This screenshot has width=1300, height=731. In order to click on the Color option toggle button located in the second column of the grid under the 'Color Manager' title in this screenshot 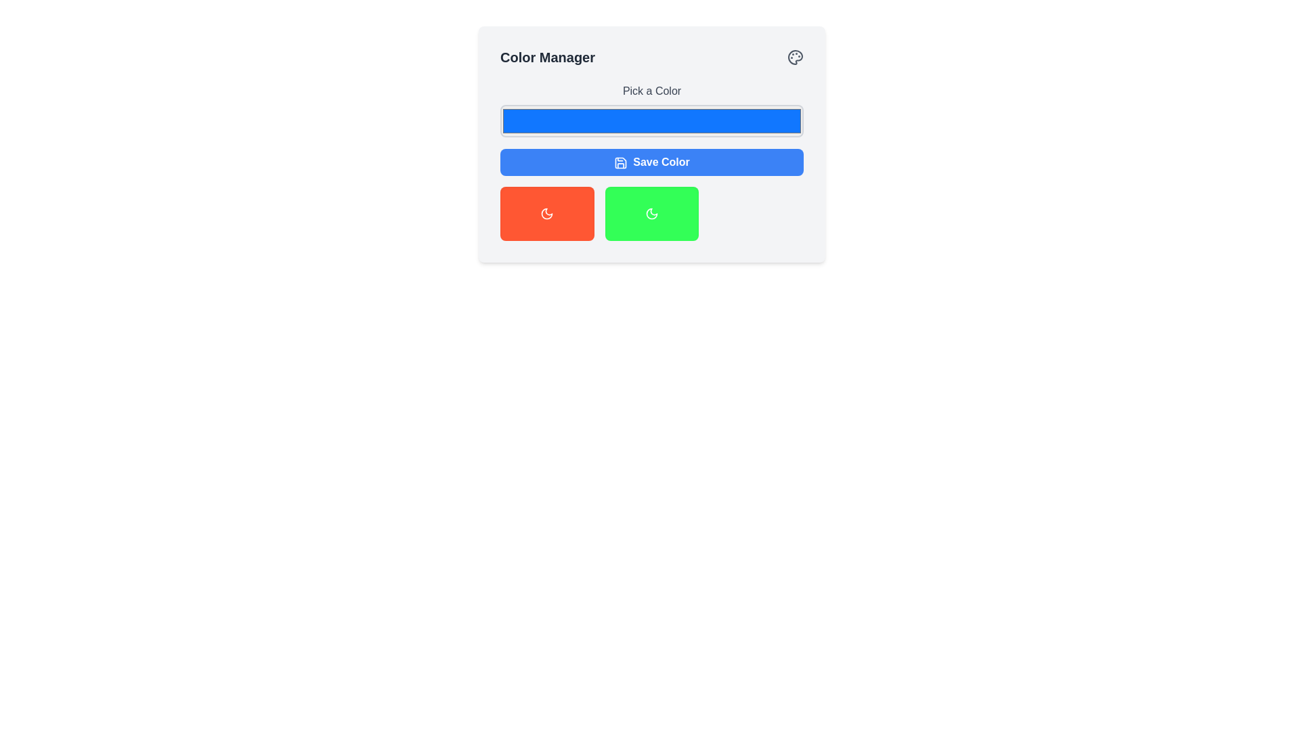, I will do `click(652, 213)`.